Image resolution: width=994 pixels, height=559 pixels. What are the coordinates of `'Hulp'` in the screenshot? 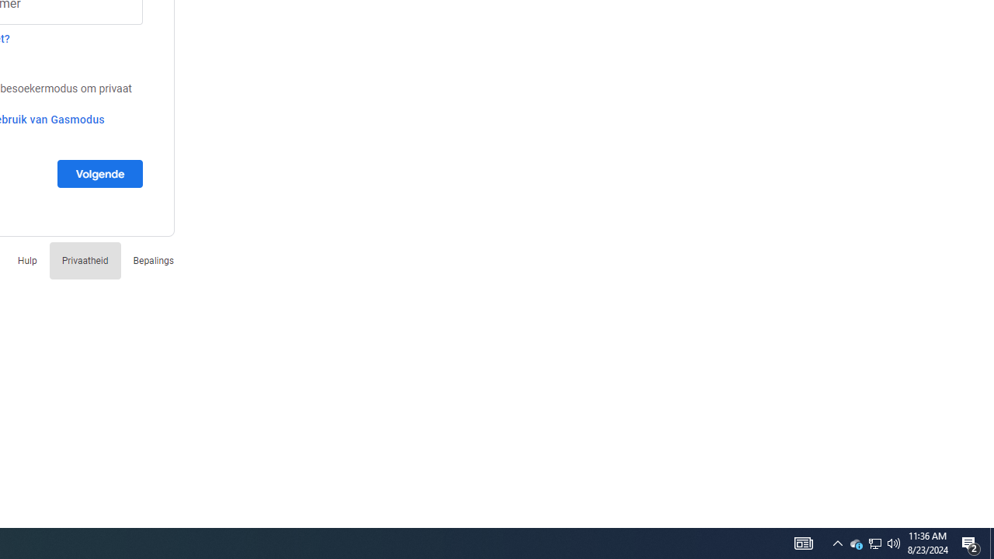 It's located at (27, 259).